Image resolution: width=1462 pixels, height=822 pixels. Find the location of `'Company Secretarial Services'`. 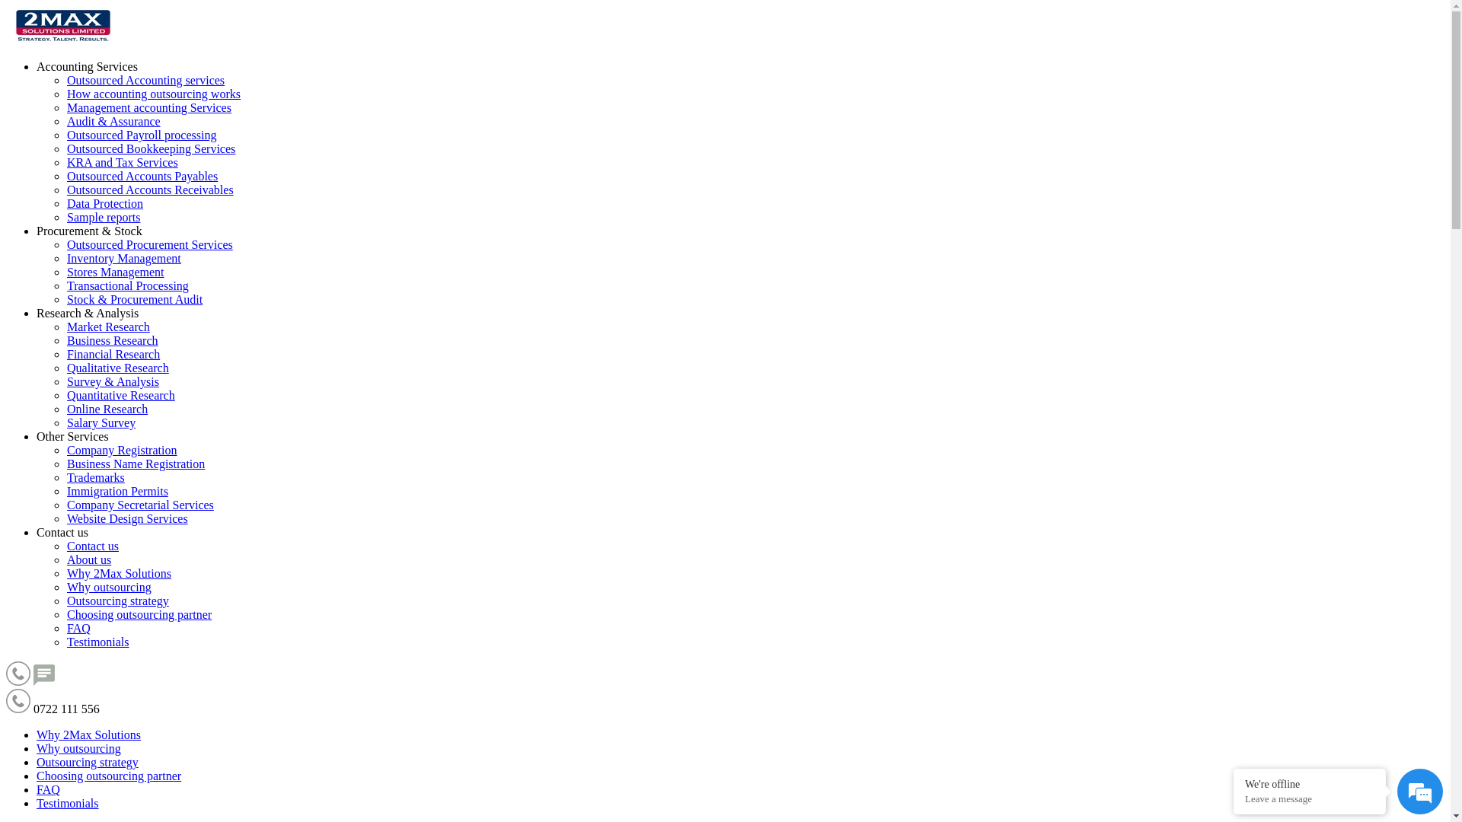

'Company Secretarial Services' is located at coordinates (140, 505).